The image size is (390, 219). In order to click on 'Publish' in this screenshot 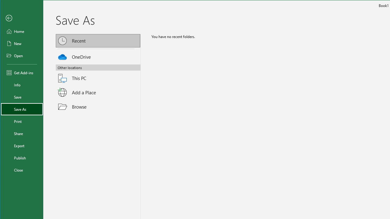, I will do `click(22, 158)`.